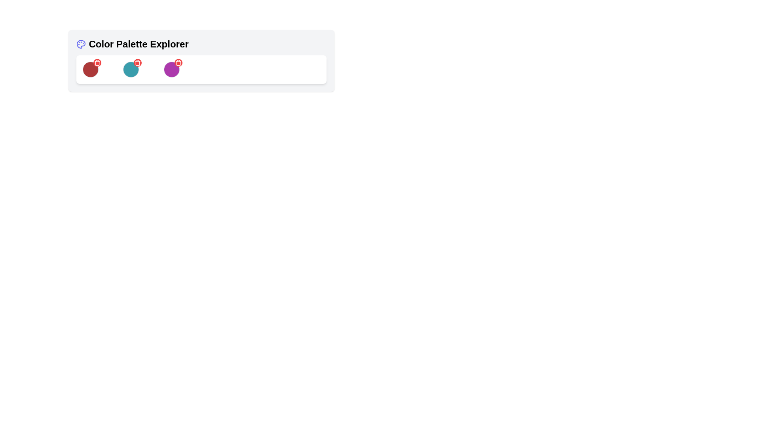  What do you see at coordinates (97, 62) in the screenshot?
I see `the trash can icon with a white stroke on a red circular background` at bounding box center [97, 62].